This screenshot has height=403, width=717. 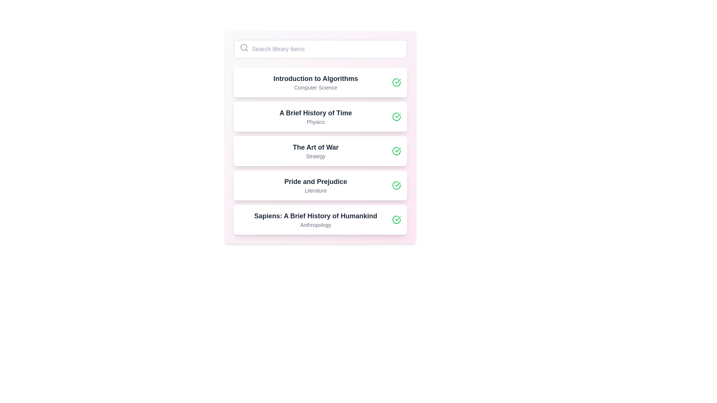 What do you see at coordinates (320, 151) in the screenshot?
I see `the list item card associated with the book 'The Art of War', which is the third card in the vertical list, positioned between 'A Brief History of Time' and 'Pride and Prejudice'` at bounding box center [320, 151].